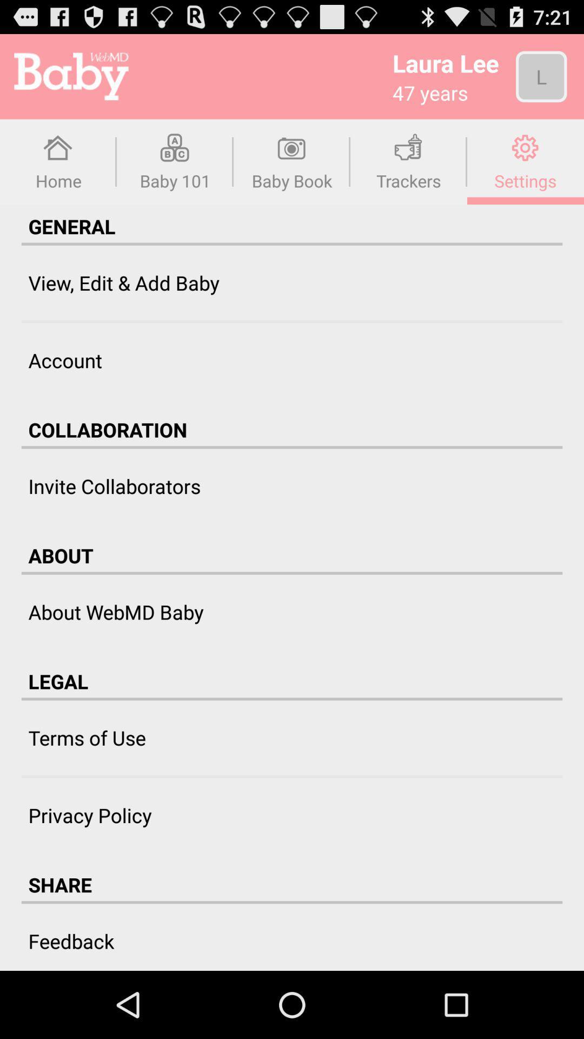 Image resolution: width=584 pixels, height=1039 pixels. Describe the element at coordinates (89, 815) in the screenshot. I see `privacy policy item` at that location.